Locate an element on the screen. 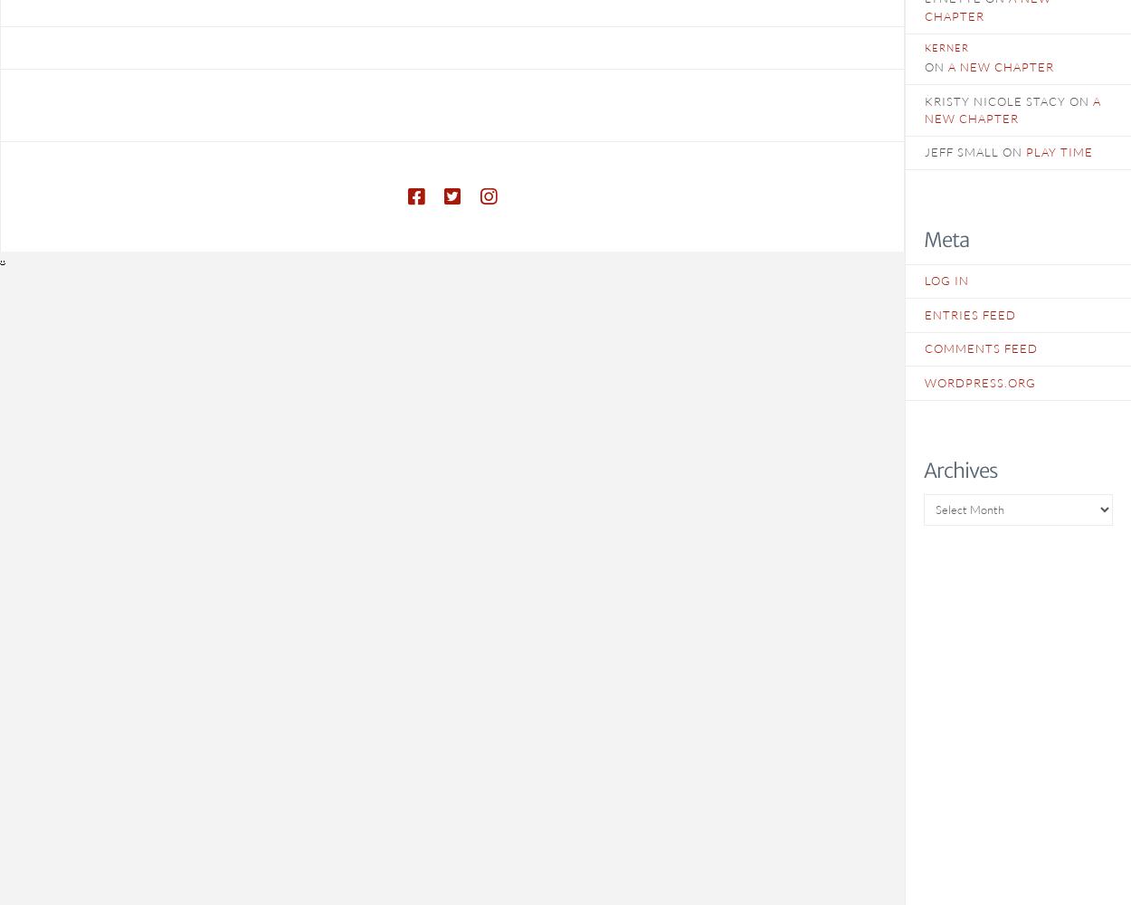  'Comments feed' is located at coordinates (980, 348).